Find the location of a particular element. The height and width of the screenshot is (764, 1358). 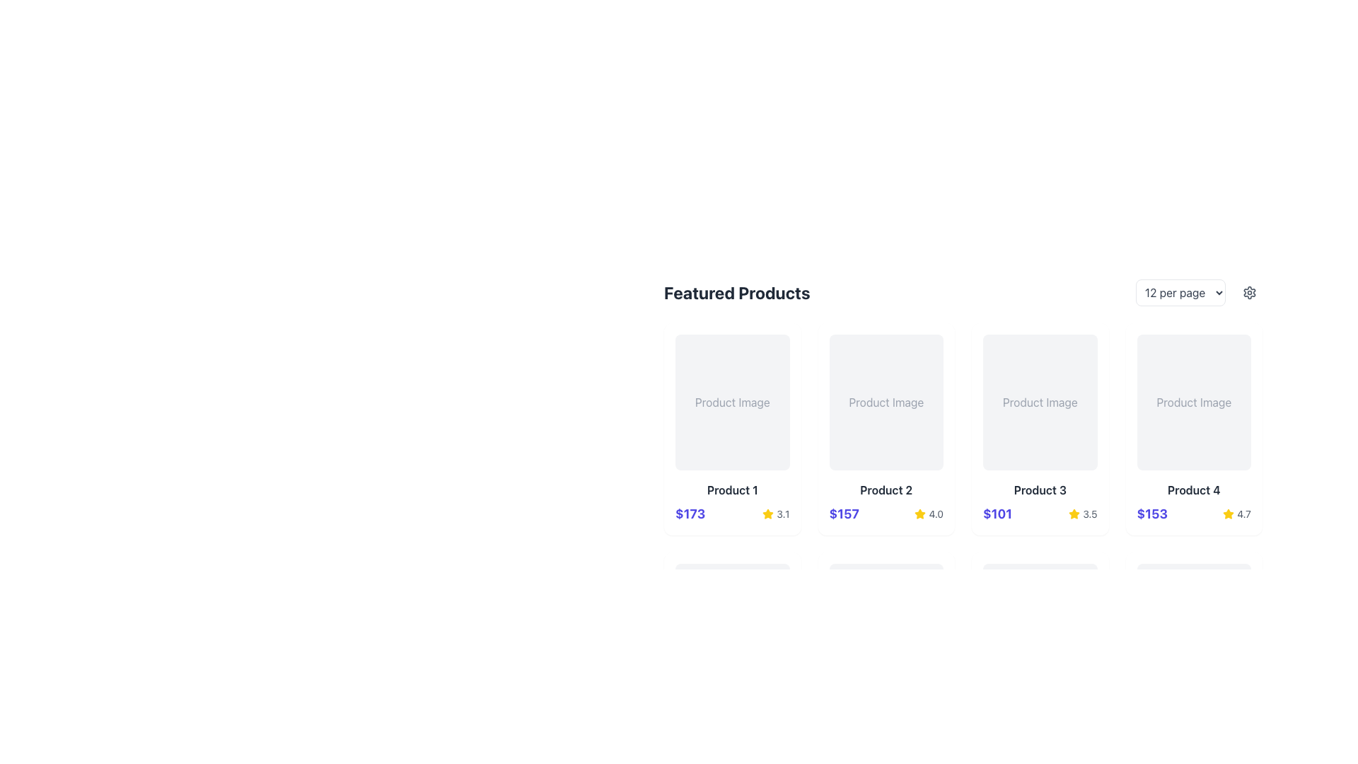

the price and rating information displayed in the second product card from the left, positioned below the product title and other details is located at coordinates (886, 514).